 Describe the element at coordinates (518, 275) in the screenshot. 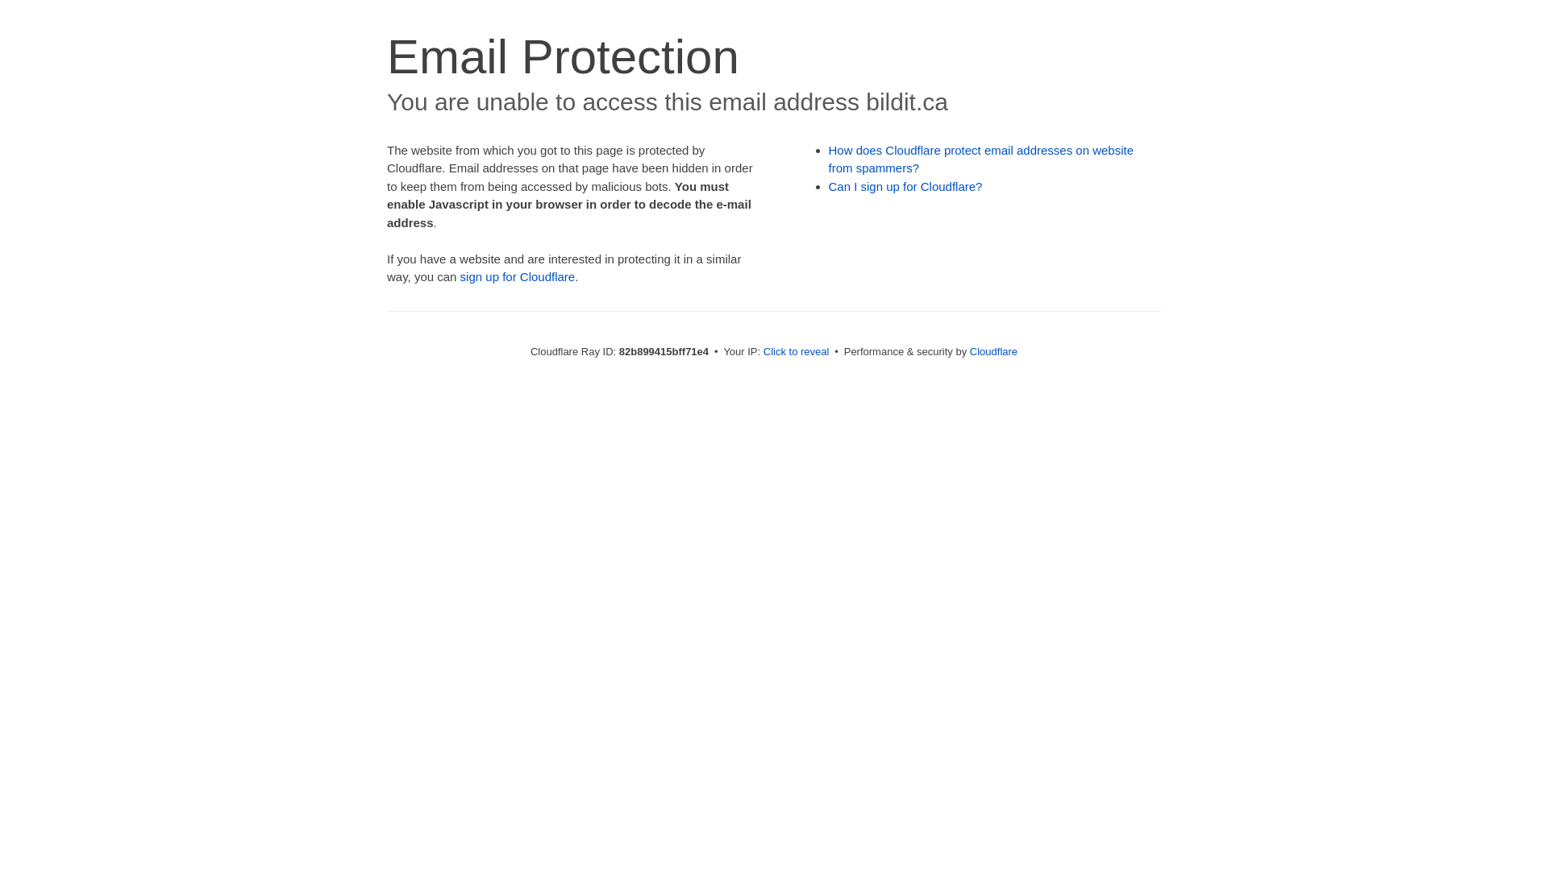

I see `'sign up for Cloudflare'` at that location.